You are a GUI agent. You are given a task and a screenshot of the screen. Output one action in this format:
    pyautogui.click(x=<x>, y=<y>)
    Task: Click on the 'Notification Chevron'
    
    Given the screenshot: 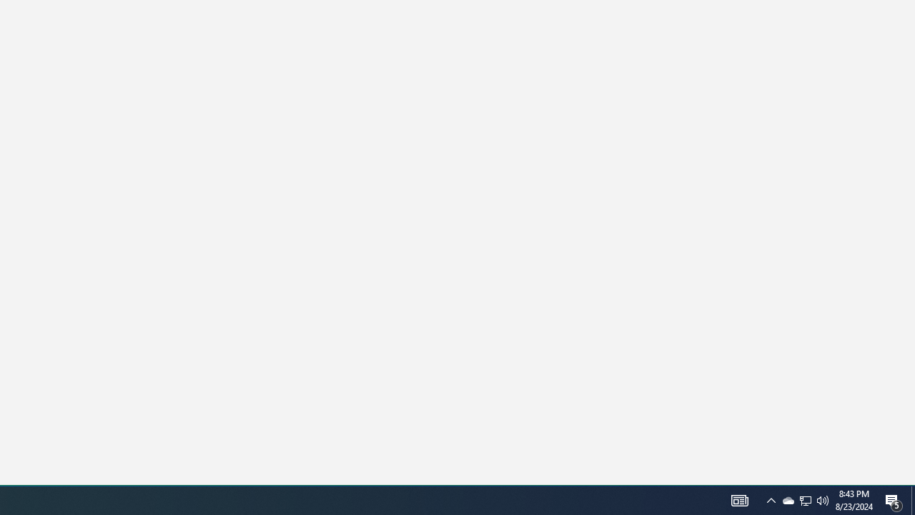 What is the action you would take?
    pyautogui.click(x=806, y=499)
    